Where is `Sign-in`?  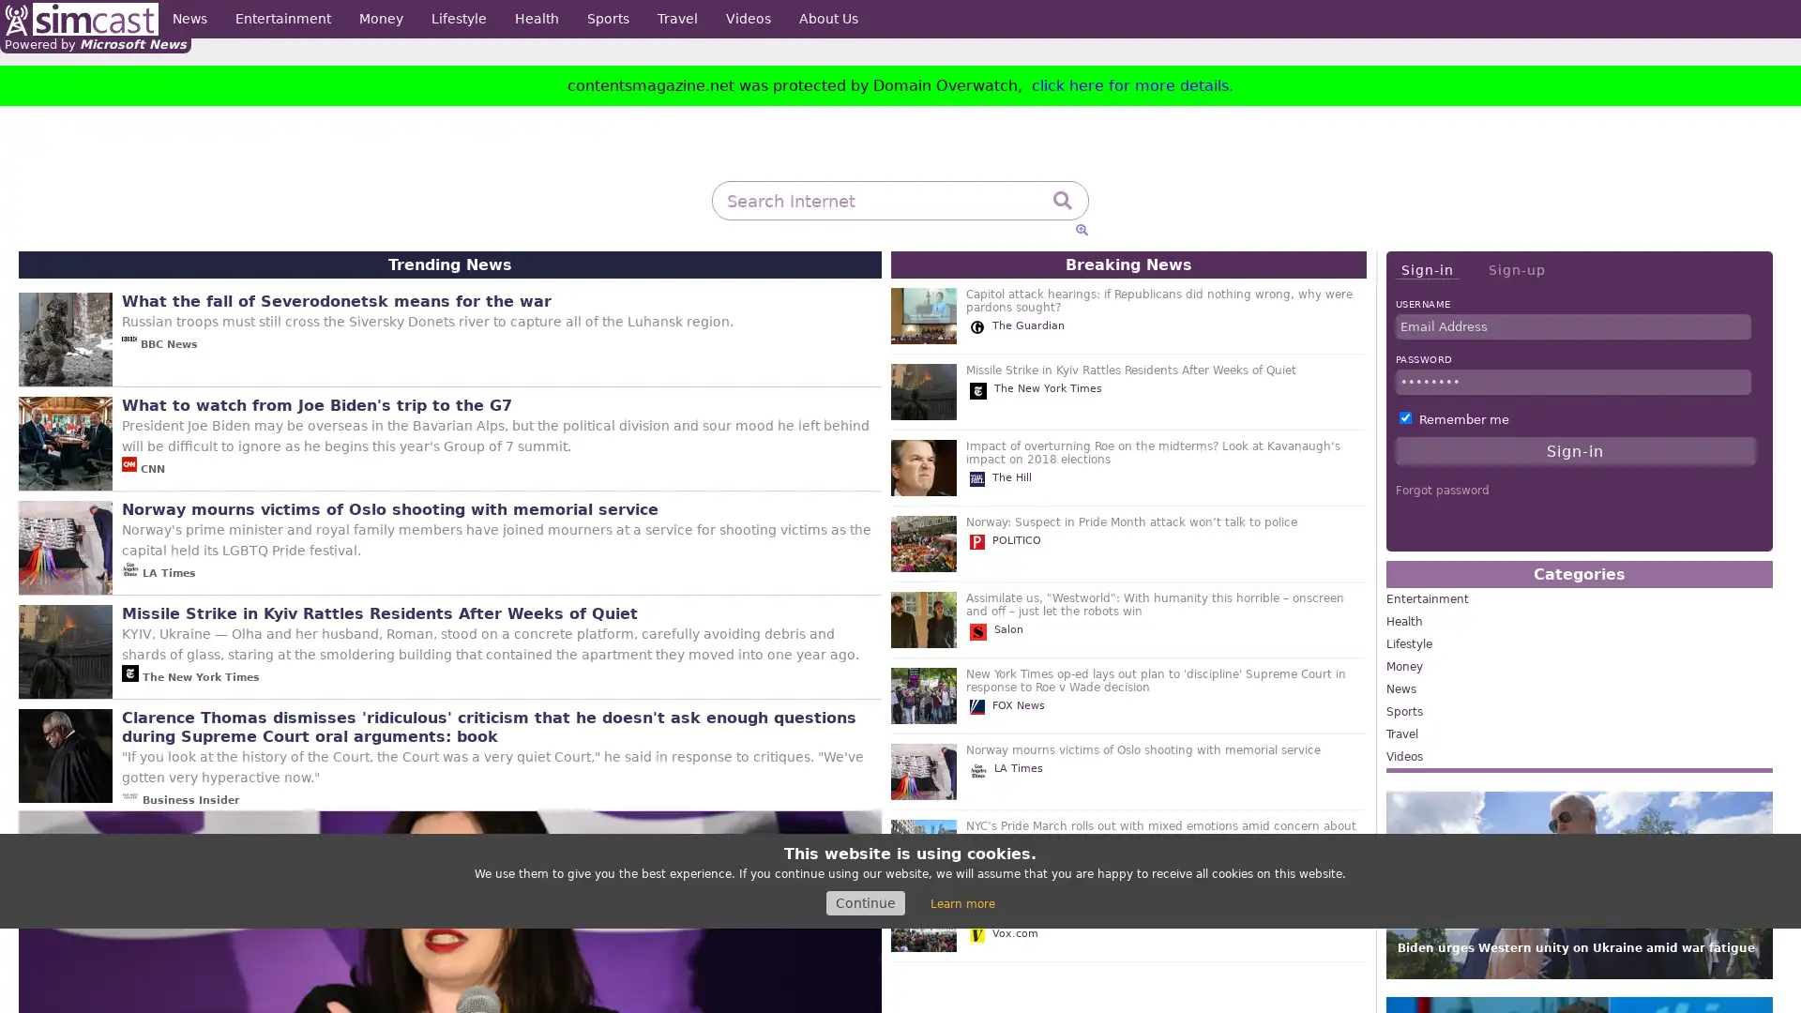
Sign-in is located at coordinates (1426, 270).